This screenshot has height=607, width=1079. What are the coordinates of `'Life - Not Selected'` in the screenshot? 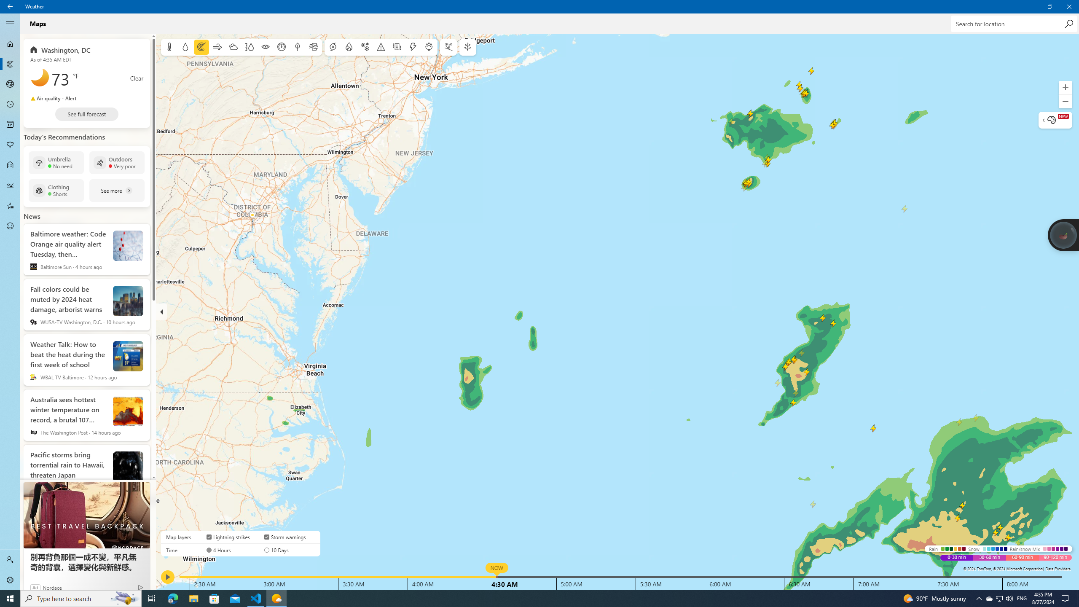 It's located at (10, 165).